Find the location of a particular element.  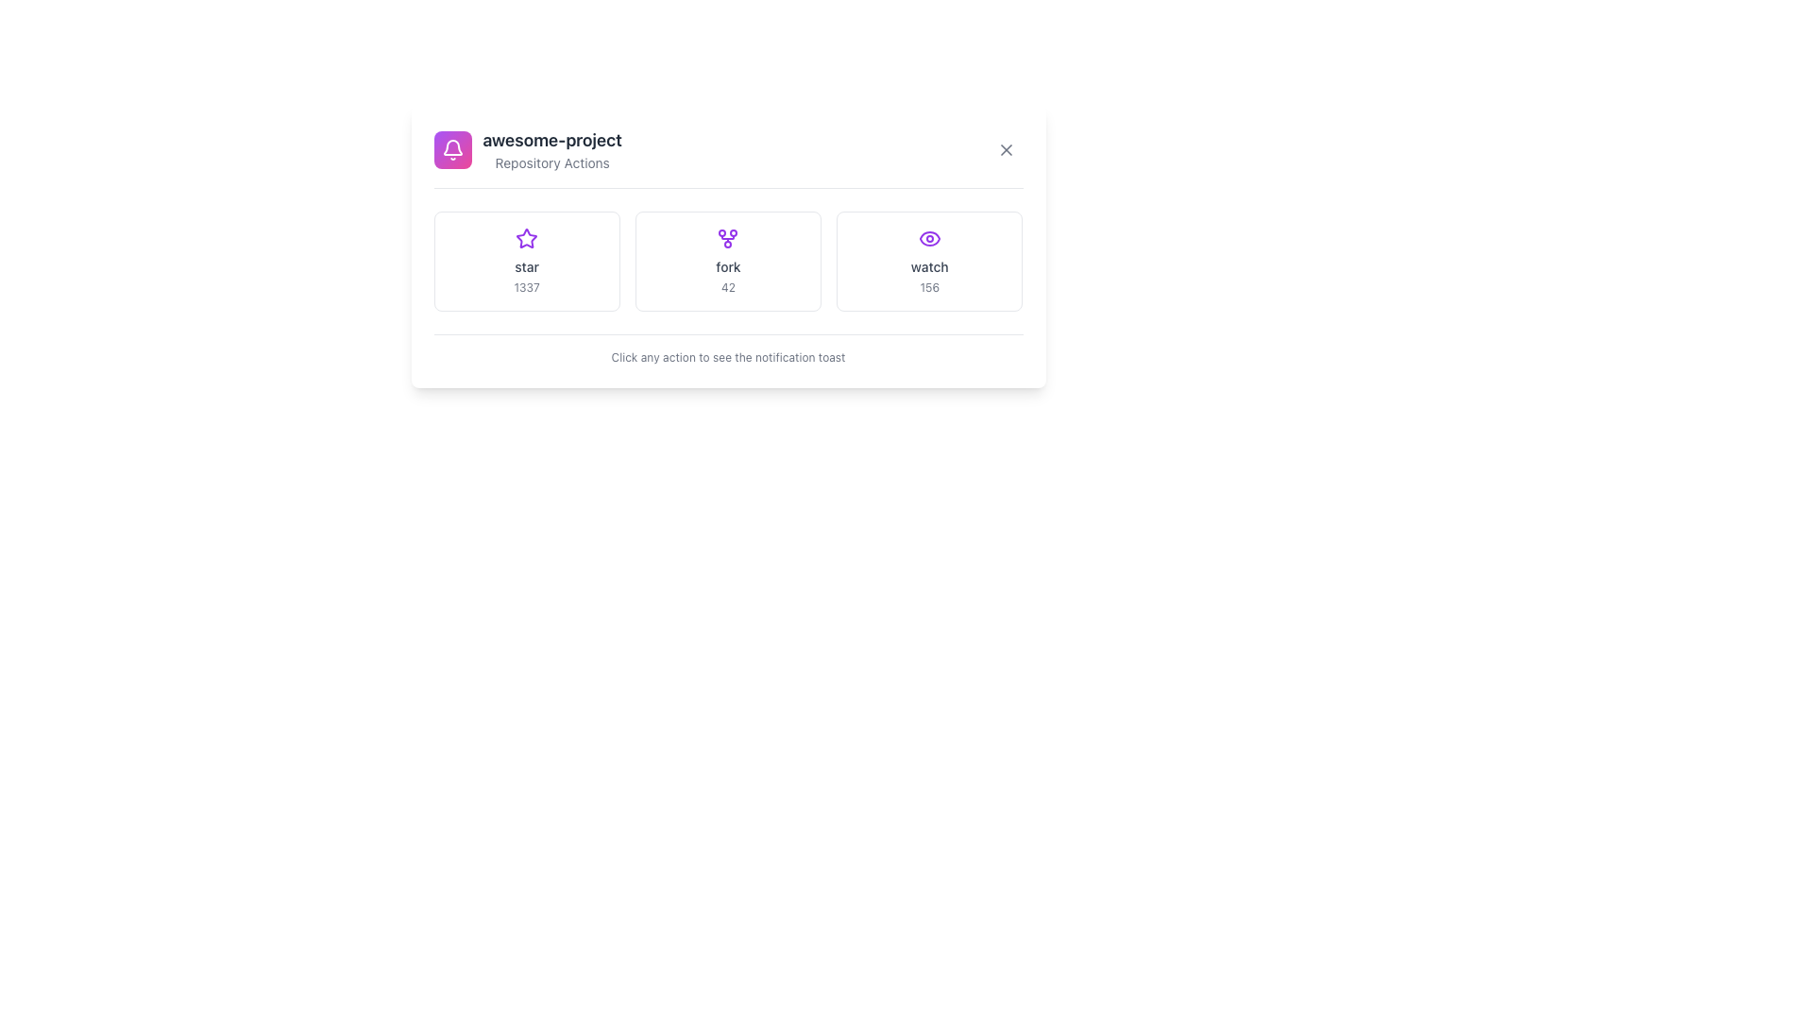

the 'watch' button, which is the third card in a row of three, positioned on the right within a grid layout is located at coordinates (929, 262).